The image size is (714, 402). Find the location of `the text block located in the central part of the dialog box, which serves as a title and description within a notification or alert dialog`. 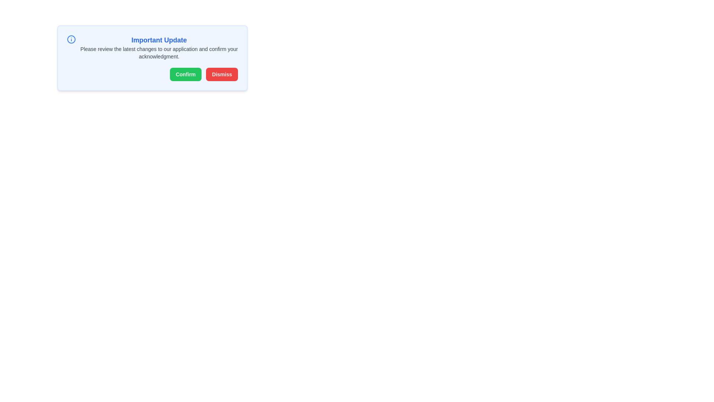

the text block located in the central part of the dialog box, which serves as a title and description within a notification or alert dialog is located at coordinates (158, 47).